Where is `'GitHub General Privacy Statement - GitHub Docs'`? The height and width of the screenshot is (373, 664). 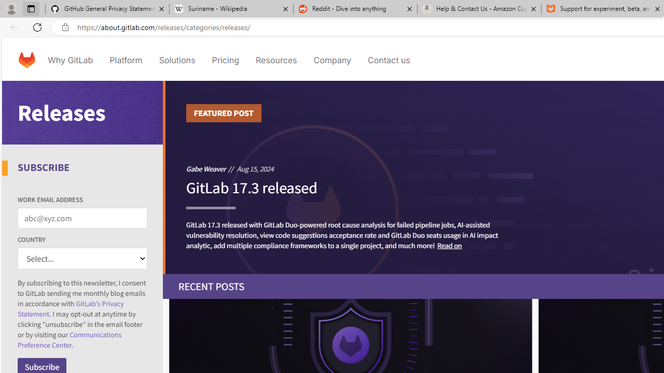
'GitHub General Privacy Statement - GitHub Docs' is located at coordinates (107, 9).